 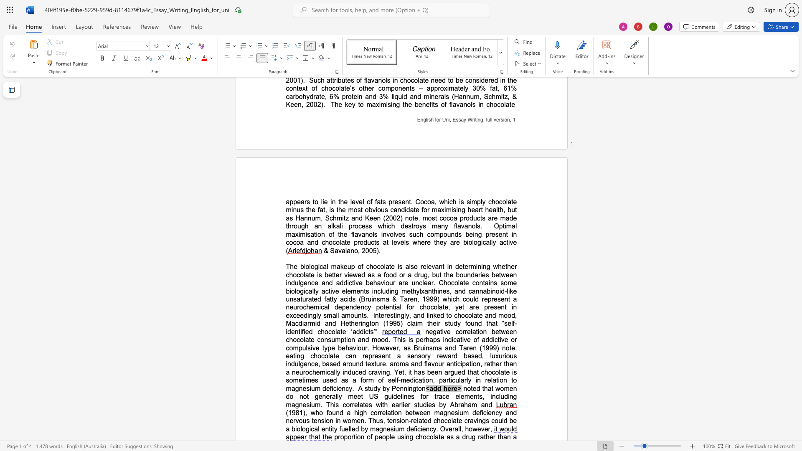 I want to click on the space between the continuous character "u" and "c" in the text, so click(x=317, y=80).